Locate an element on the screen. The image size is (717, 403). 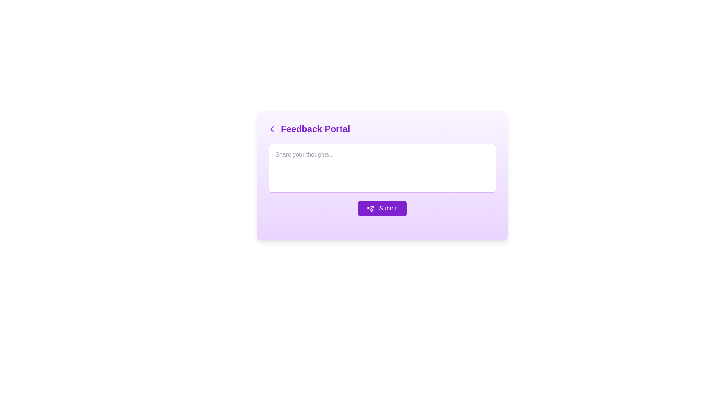
the left-pointing arrow icon that indicates backward navigation, located in the top-left part of the 'Feedback Portal' card interface is located at coordinates (271, 129).